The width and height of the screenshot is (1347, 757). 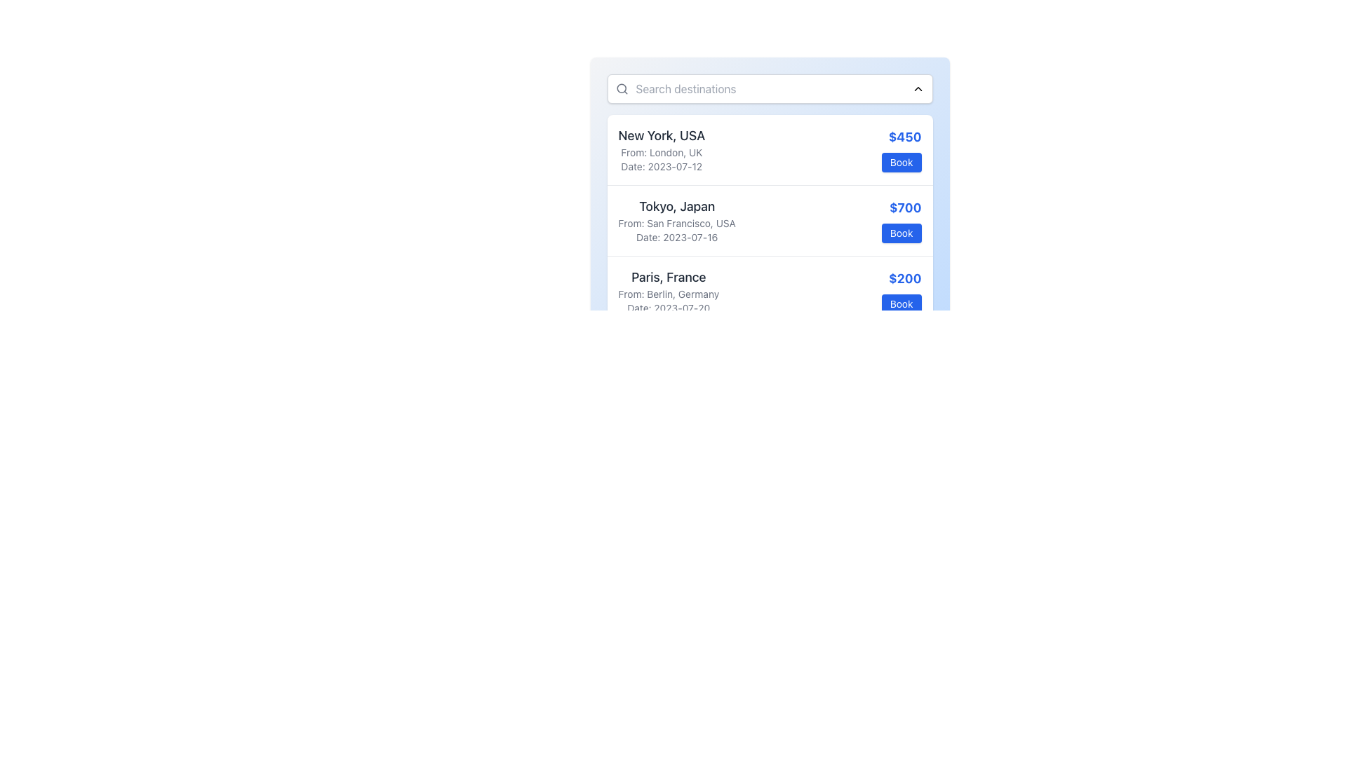 What do you see at coordinates (668, 278) in the screenshot?
I see `the destination title text label that indicates the name of the location in the travel booking interface, positioned above the 'From: Berlin, Germany' and 'Date: 2023-07-20' text elements` at bounding box center [668, 278].